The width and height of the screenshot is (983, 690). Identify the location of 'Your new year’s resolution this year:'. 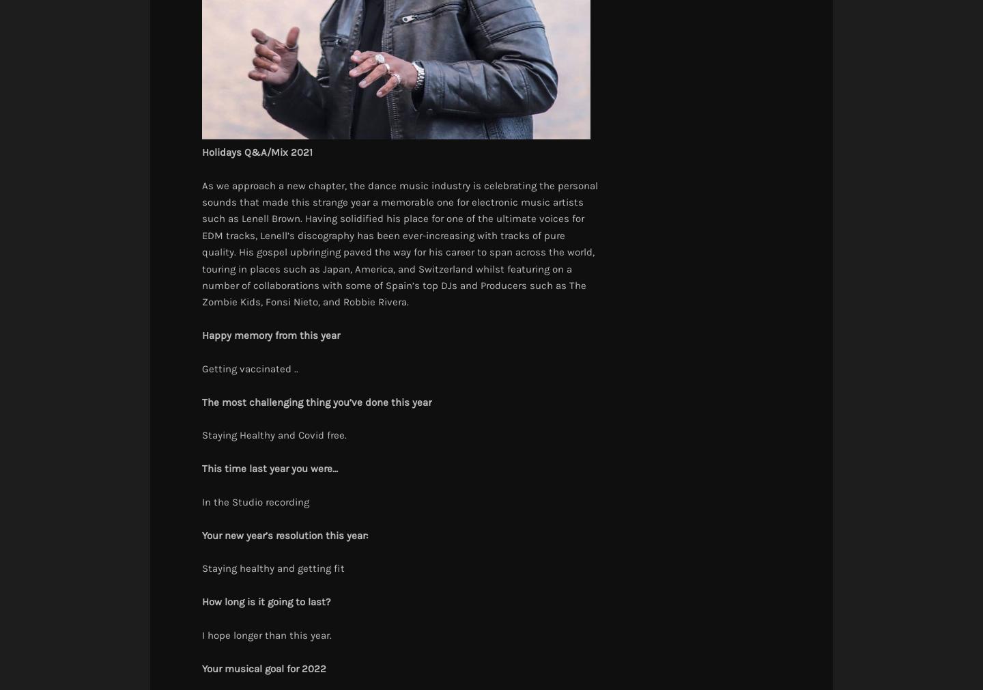
(284, 534).